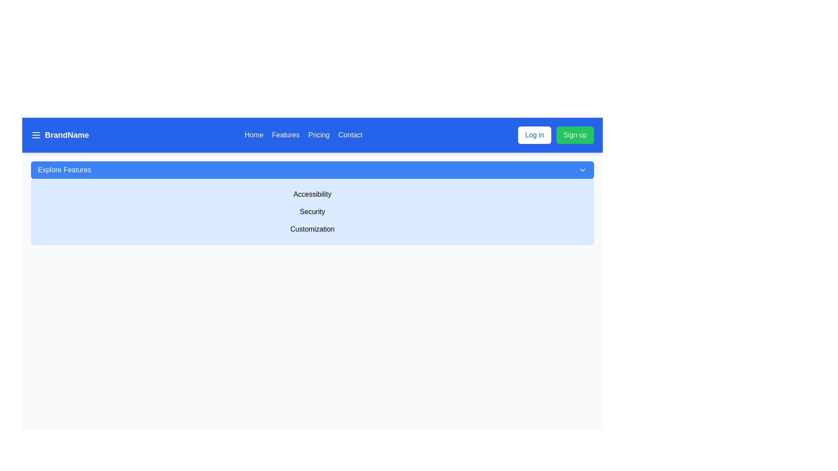 The height and width of the screenshot is (471, 838). What do you see at coordinates (303, 135) in the screenshot?
I see `the horizontal navigation menu located at the top of the interface, which contains links labeled 'Home,' 'Features,' 'Pricing,' and 'Contact.'` at bounding box center [303, 135].